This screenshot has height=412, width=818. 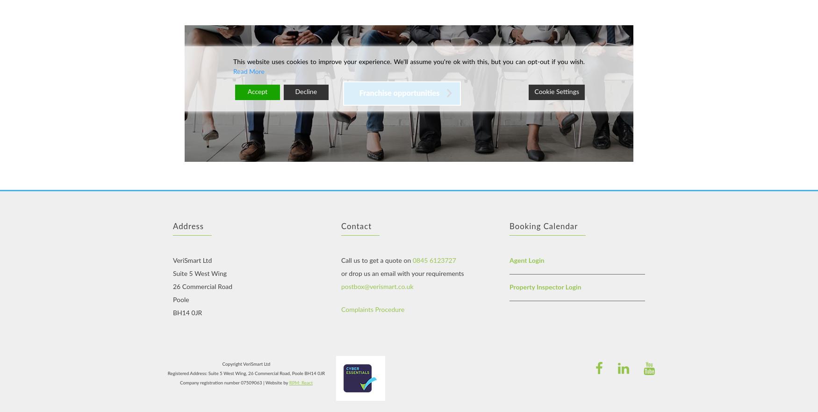 What do you see at coordinates (545, 286) in the screenshot?
I see `'Property Inspector Login'` at bounding box center [545, 286].